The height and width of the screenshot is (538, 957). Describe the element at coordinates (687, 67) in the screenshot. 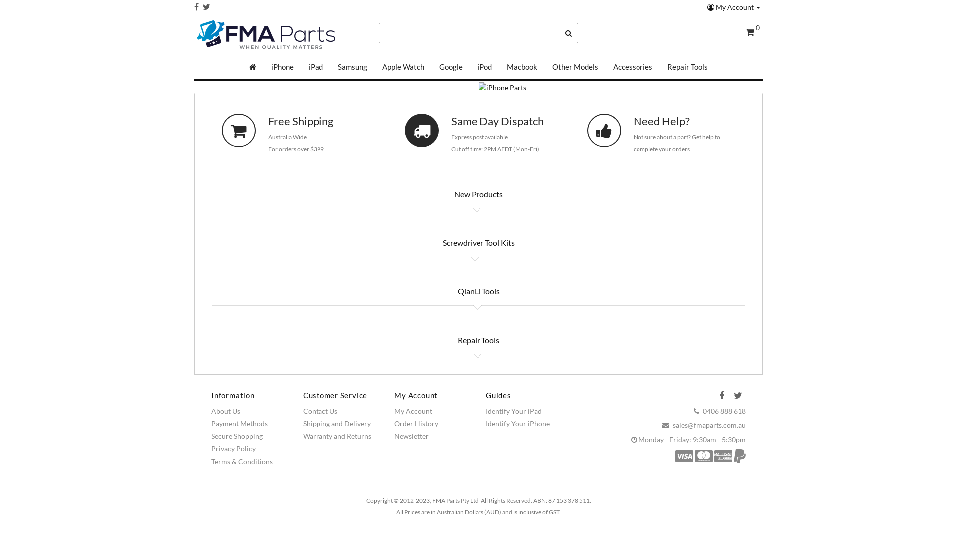

I see `'Repair Tools'` at that location.